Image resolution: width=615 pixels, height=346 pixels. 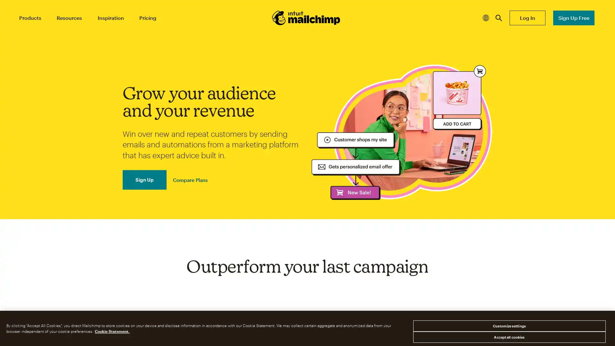 What do you see at coordinates (509, 326) in the screenshot?
I see `Customize settings` at bounding box center [509, 326].